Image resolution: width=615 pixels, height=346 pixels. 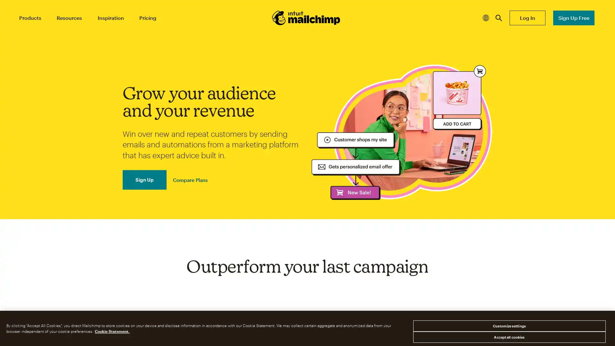 What do you see at coordinates (509, 326) in the screenshot?
I see `Customize settings` at bounding box center [509, 326].